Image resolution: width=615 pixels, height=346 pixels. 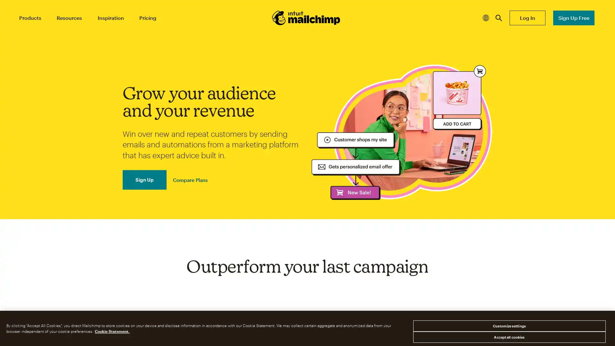 What do you see at coordinates (509, 326) in the screenshot?
I see `Customize settings` at bounding box center [509, 326].